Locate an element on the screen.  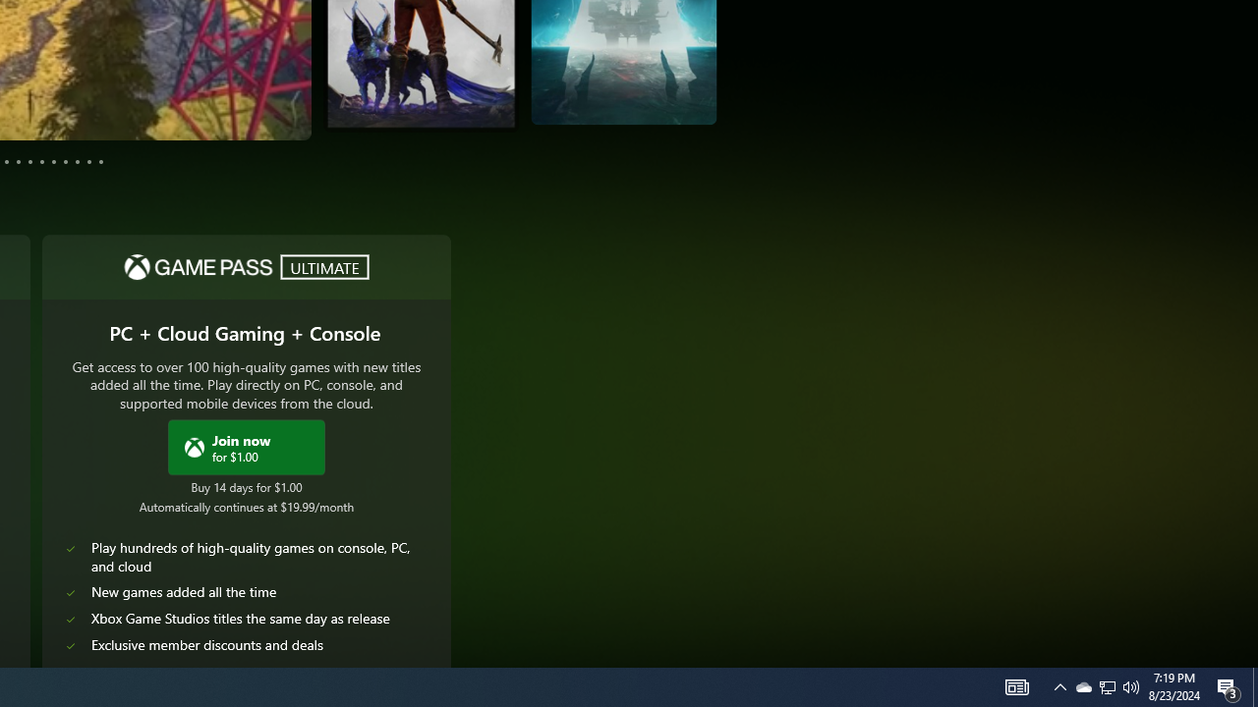
'Page 4' is located at coordinates (7, 160).